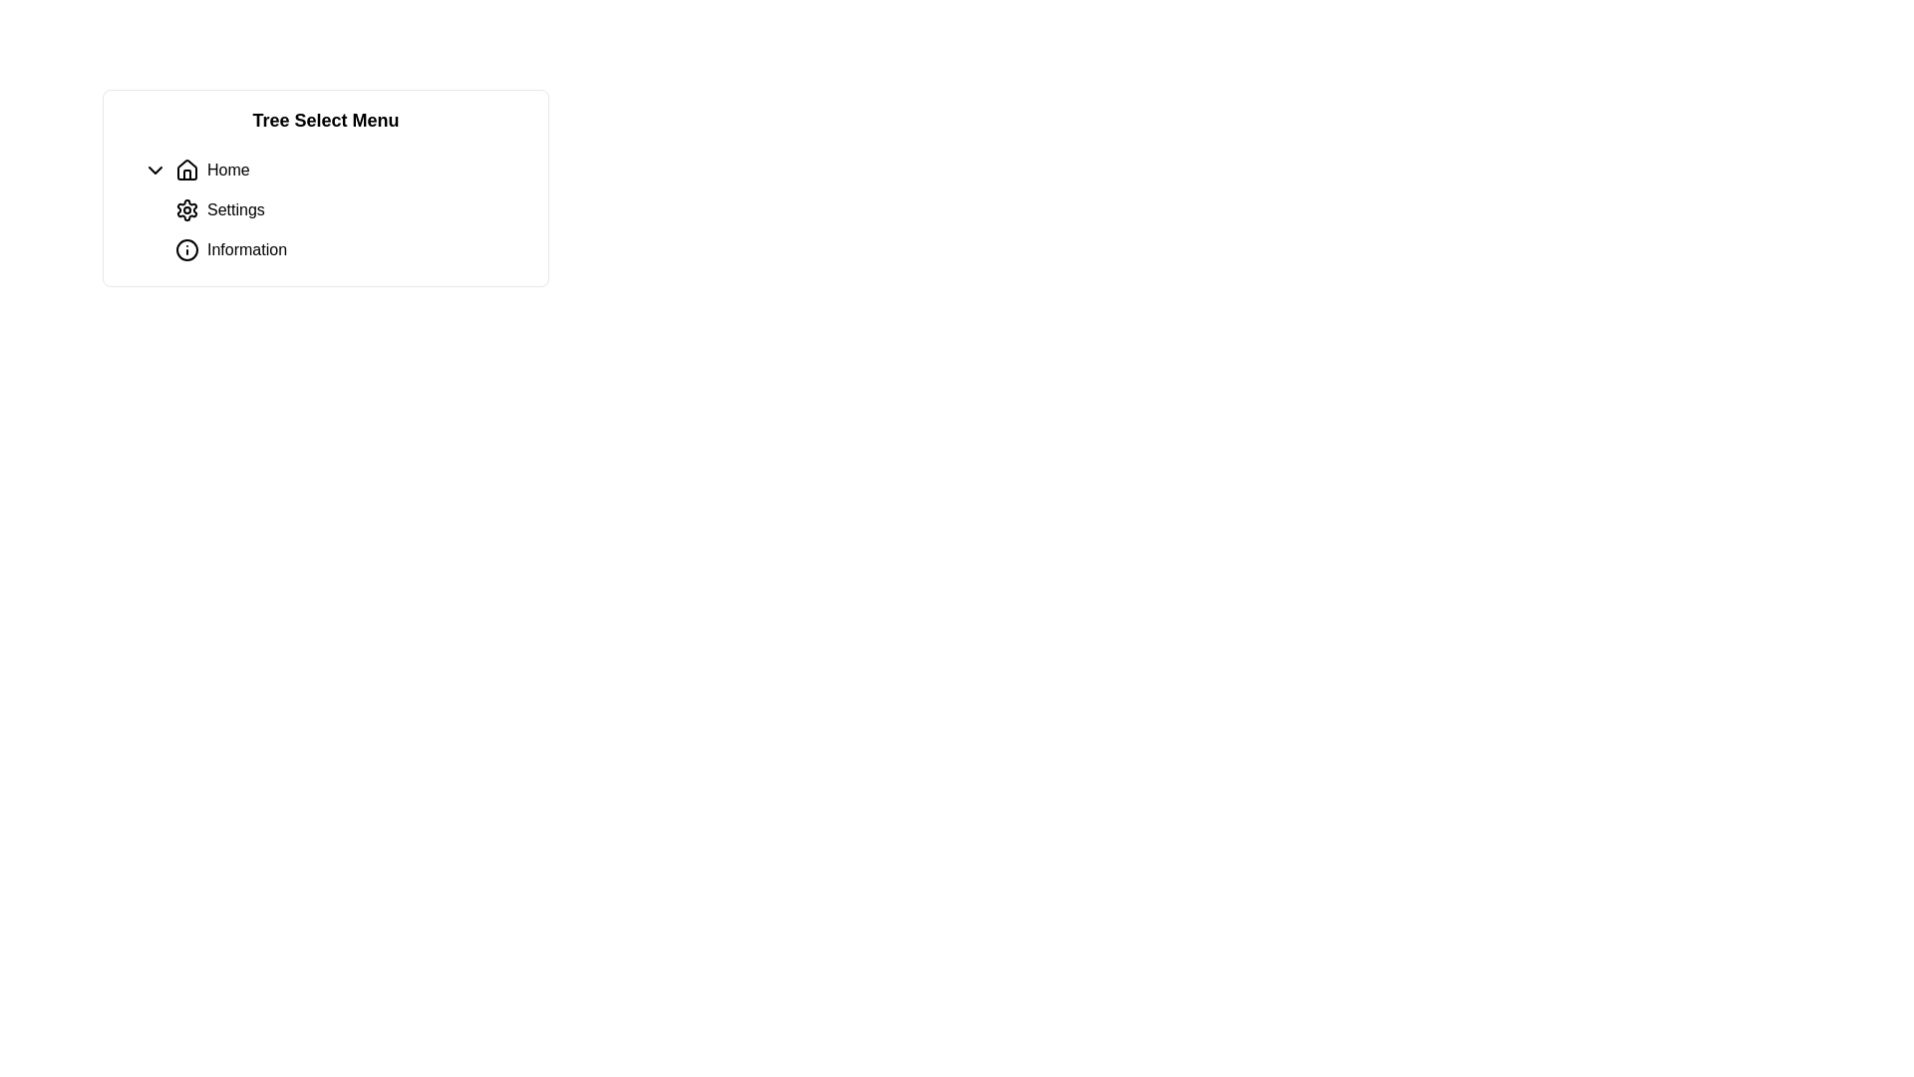  Describe the element at coordinates (334, 169) in the screenshot. I see `the 'Home' button located at the top of the 'Tree Select Menu', which is the first item in a vertical list of navigation options` at that location.